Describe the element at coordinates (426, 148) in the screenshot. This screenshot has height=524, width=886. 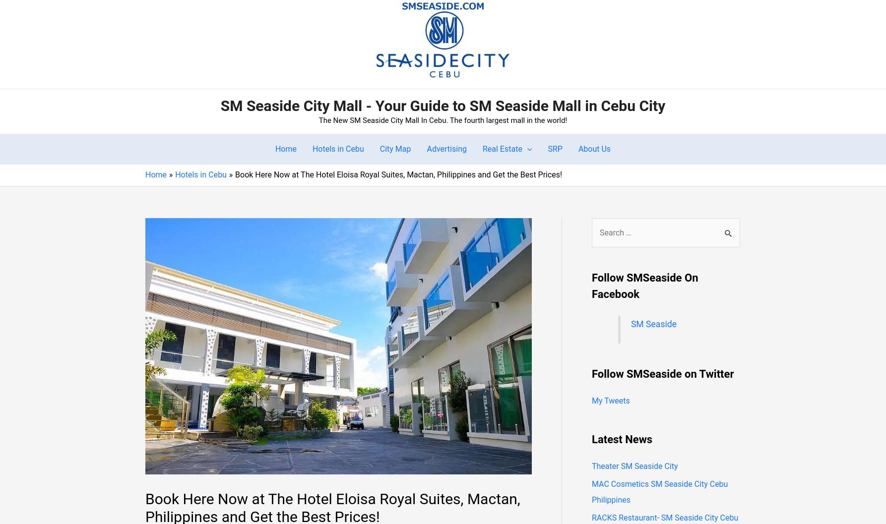
I see `'Advertising'` at that location.